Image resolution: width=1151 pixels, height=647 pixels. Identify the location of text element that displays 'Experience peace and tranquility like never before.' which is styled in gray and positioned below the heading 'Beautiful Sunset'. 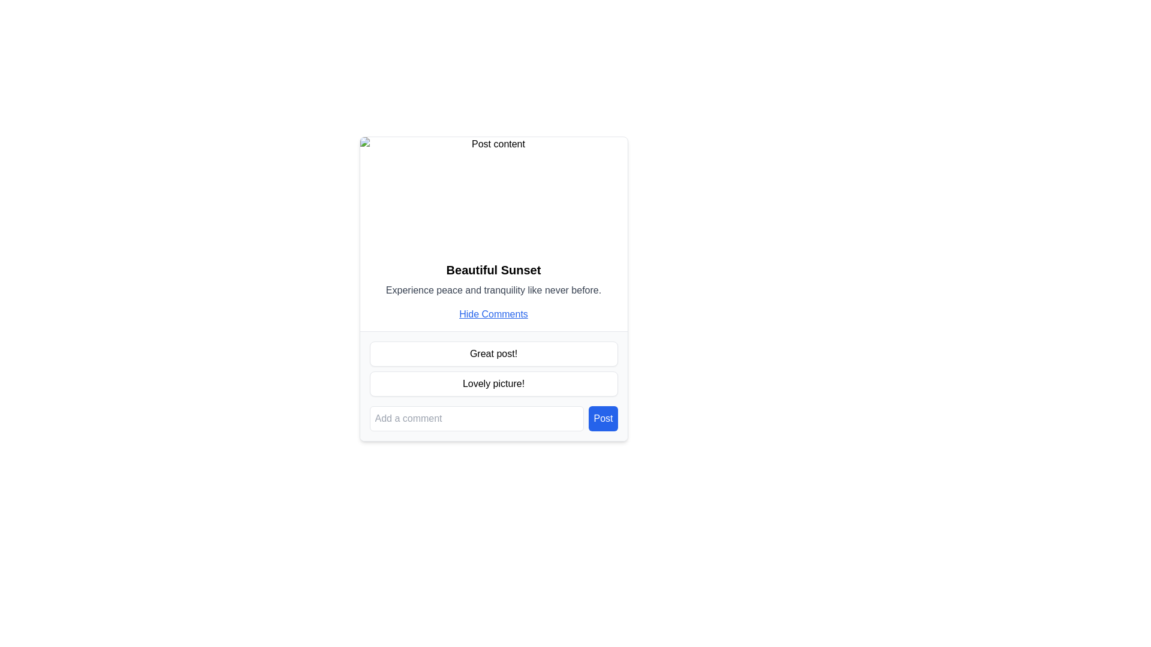
(493, 291).